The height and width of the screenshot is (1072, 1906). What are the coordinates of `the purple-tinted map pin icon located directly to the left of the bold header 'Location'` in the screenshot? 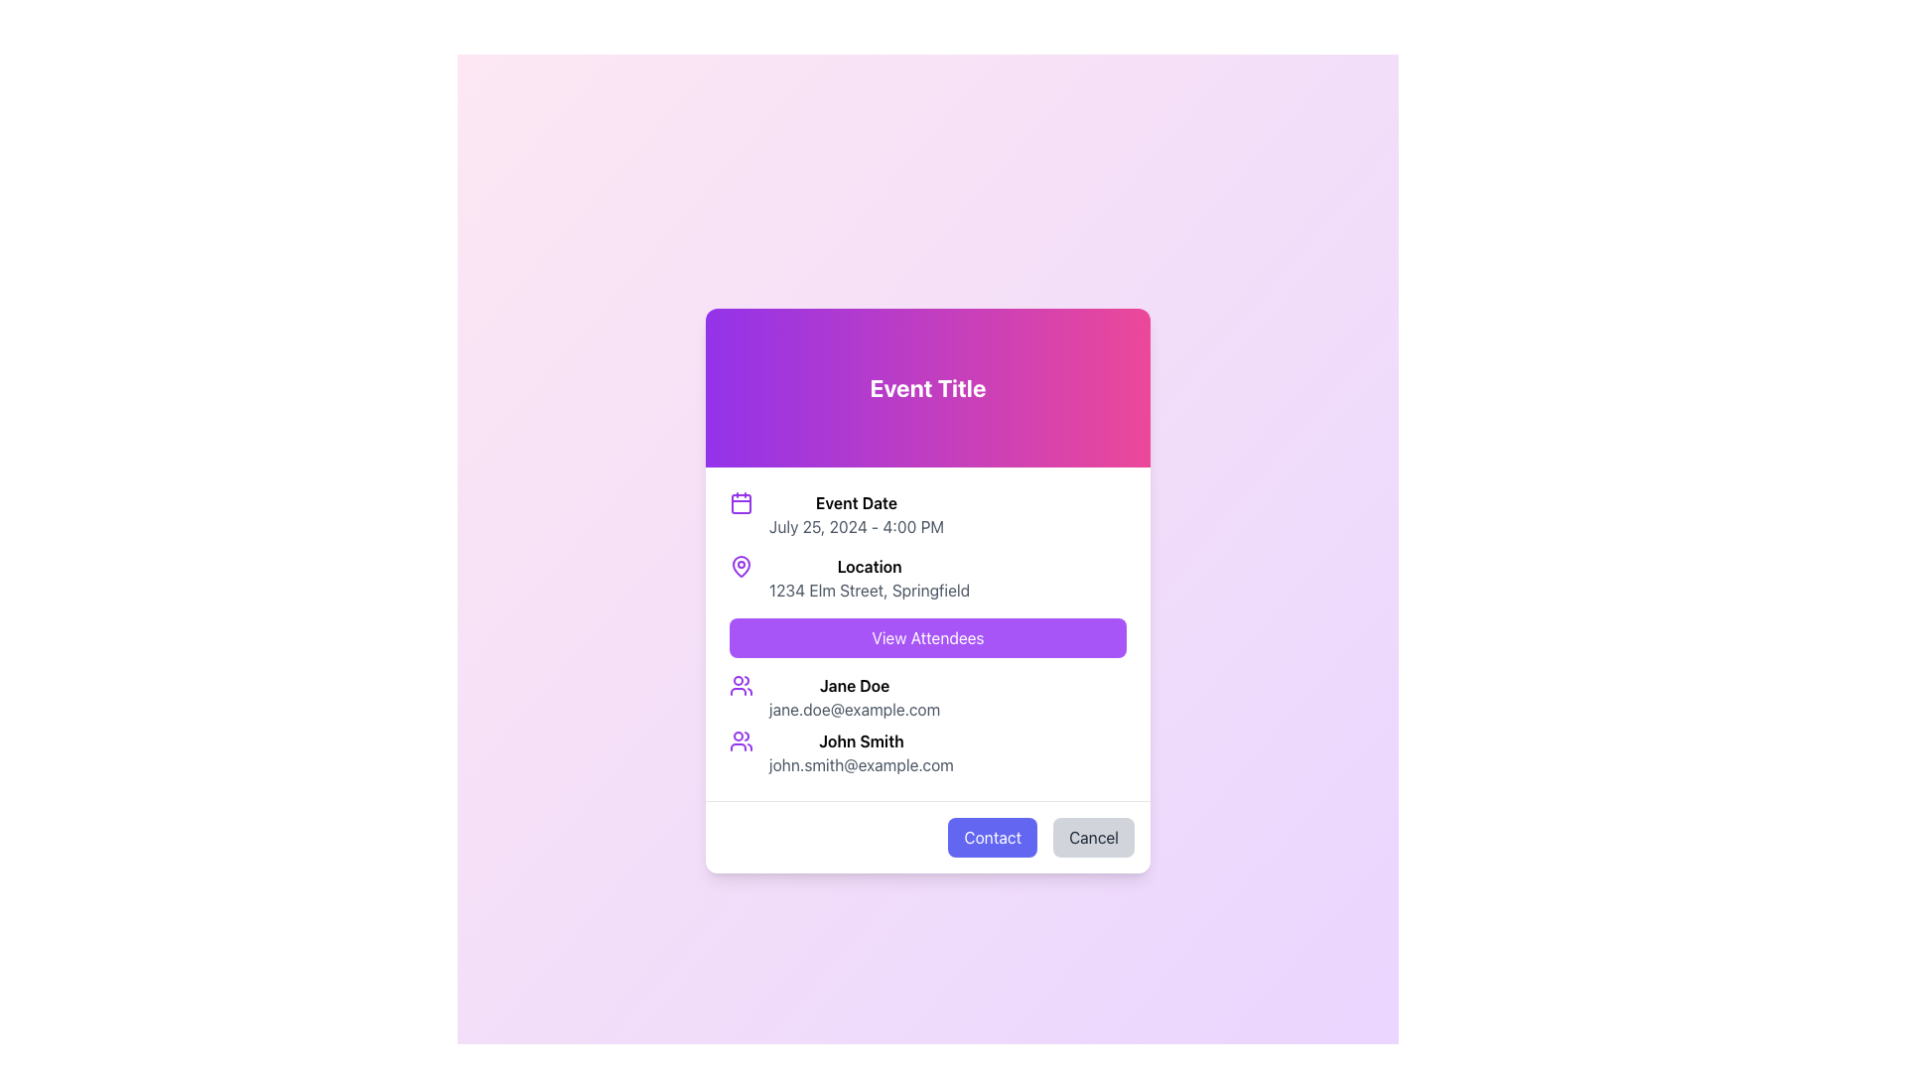 It's located at (741, 566).